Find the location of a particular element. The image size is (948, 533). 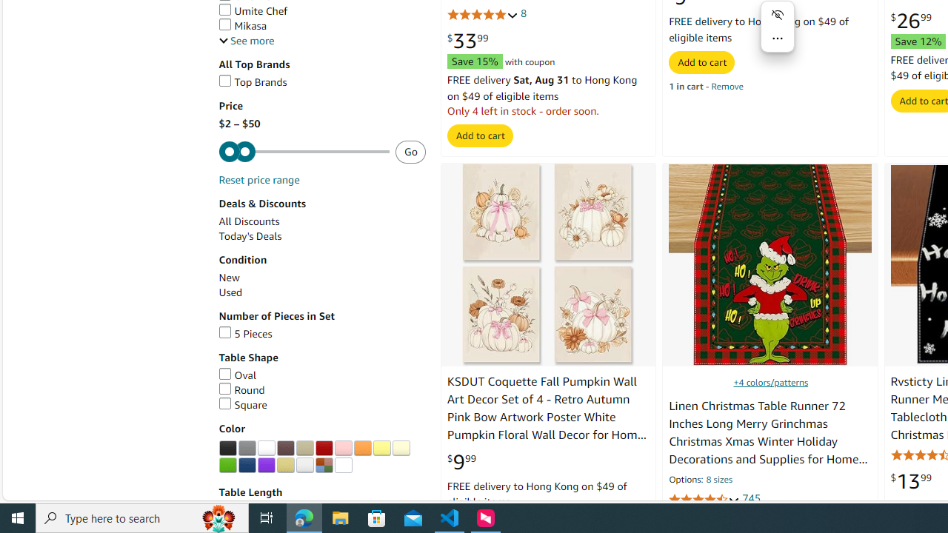

'Grey' is located at coordinates (247, 447).